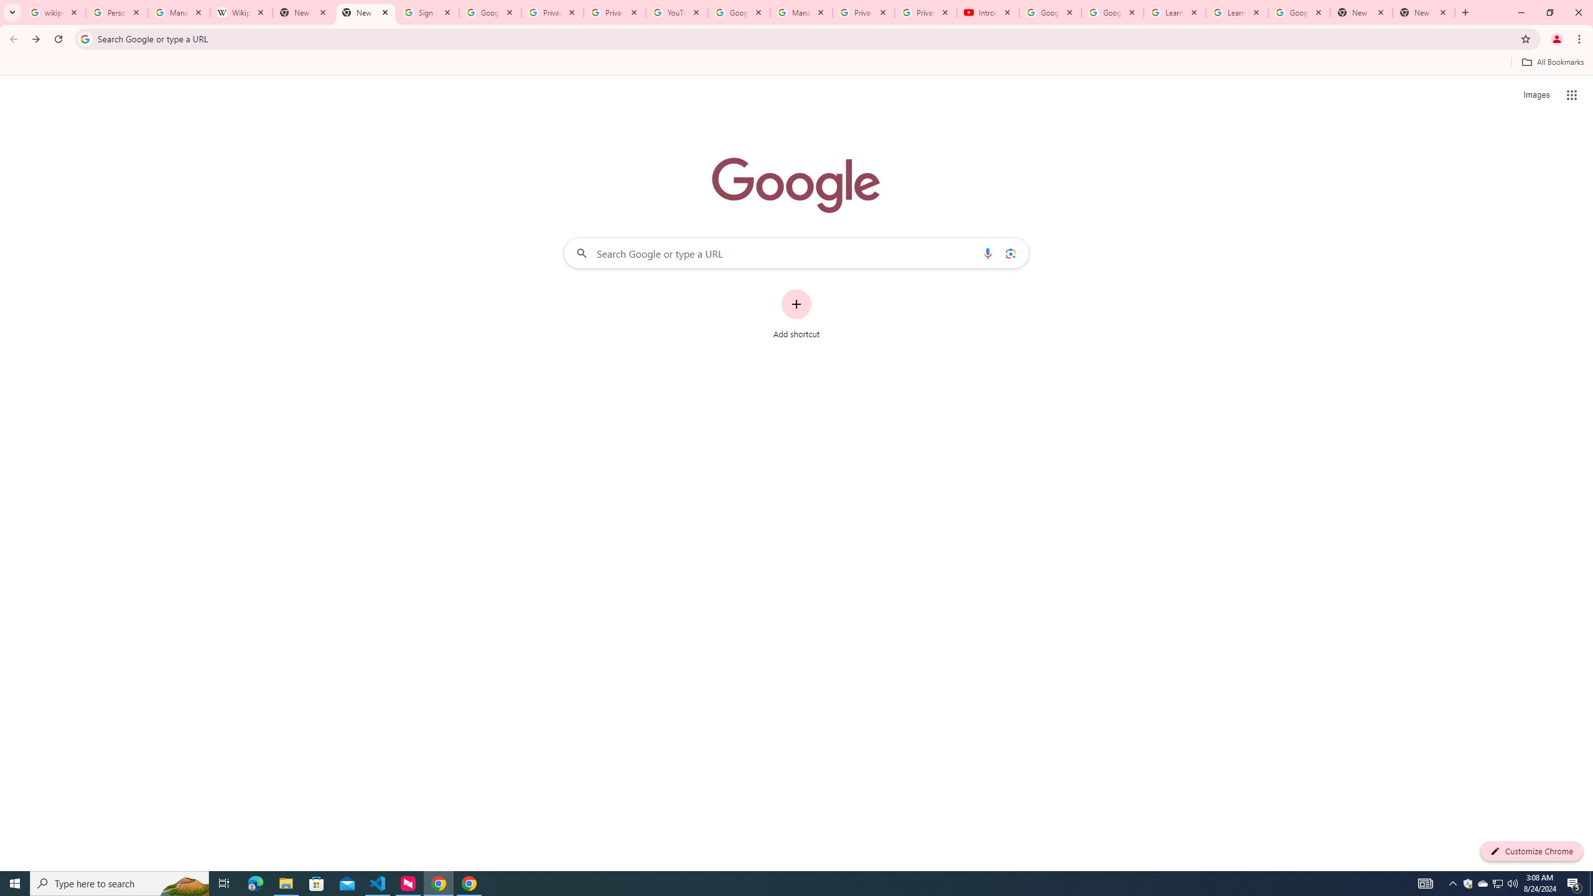 Image resolution: width=1593 pixels, height=896 pixels. What do you see at coordinates (796, 252) in the screenshot?
I see `'Search Google or type a URL'` at bounding box center [796, 252].